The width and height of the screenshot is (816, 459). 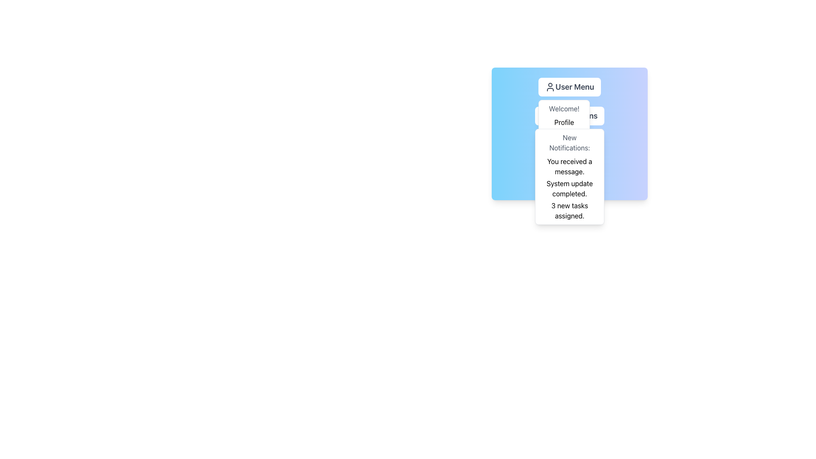 What do you see at coordinates (569, 176) in the screenshot?
I see `displayed texts from the notification drop-down panel located beneath the 'Notifications' button` at bounding box center [569, 176].